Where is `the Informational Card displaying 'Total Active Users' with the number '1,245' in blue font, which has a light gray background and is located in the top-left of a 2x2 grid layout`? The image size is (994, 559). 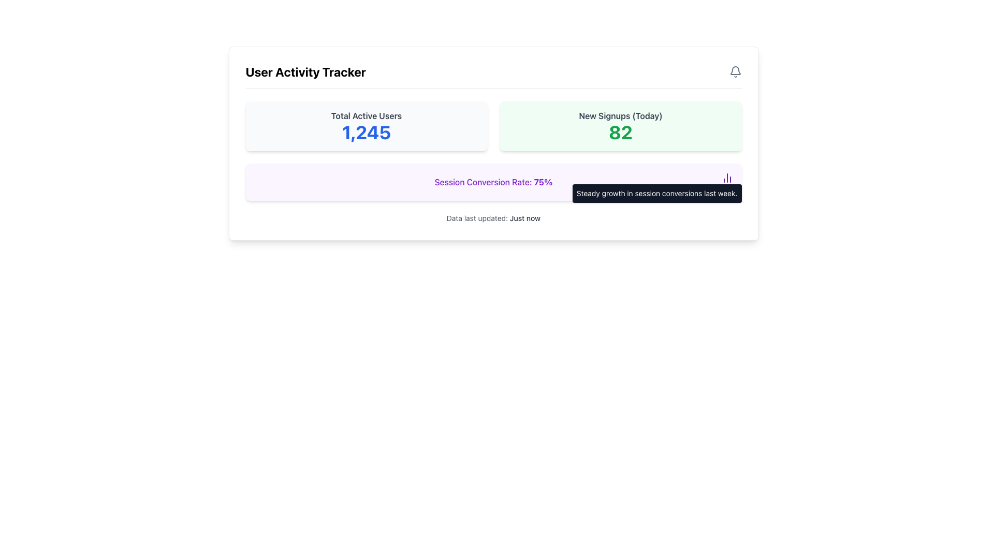
the Informational Card displaying 'Total Active Users' with the number '1,245' in blue font, which has a light gray background and is located in the top-left of a 2x2 grid layout is located at coordinates (367, 125).